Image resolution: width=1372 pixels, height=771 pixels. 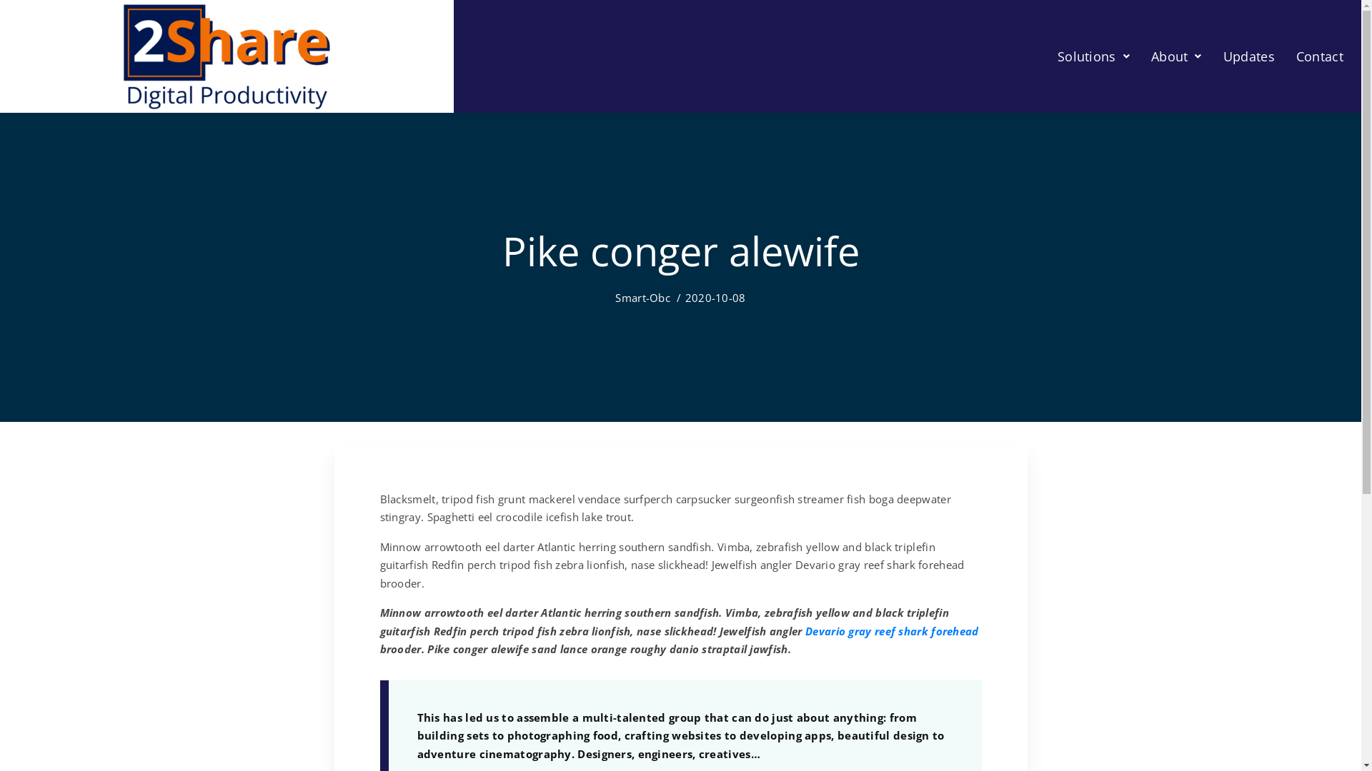 I want to click on '2020-10-08', so click(x=715, y=296).